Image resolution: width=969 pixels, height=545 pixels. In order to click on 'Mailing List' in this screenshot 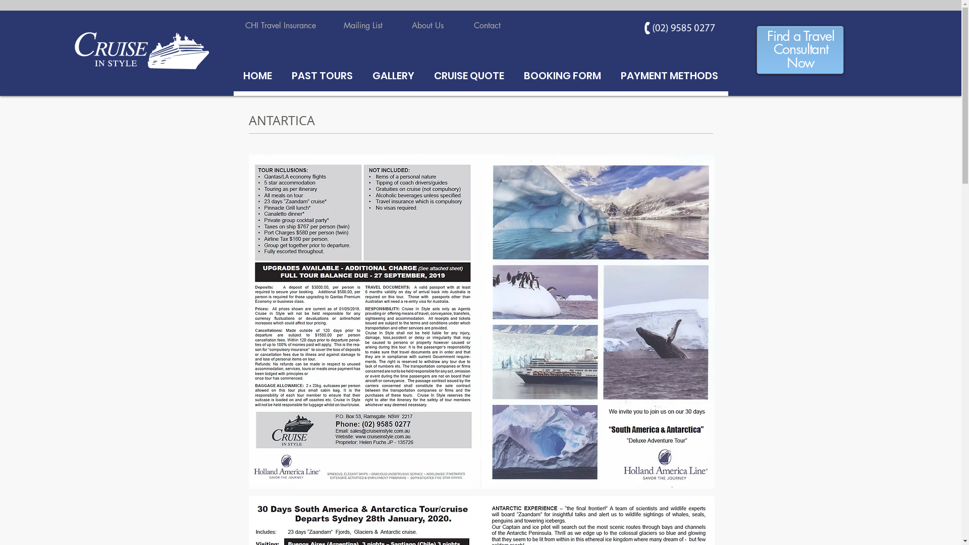, I will do `click(362, 25)`.